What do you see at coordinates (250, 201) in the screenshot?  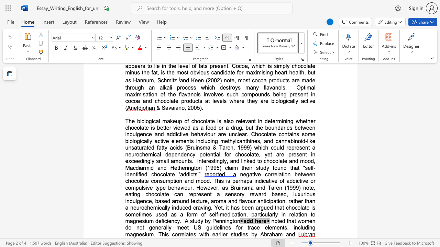 I see `the space between the continuous character "o" and "u" in the text` at bounding box center [250, 201].